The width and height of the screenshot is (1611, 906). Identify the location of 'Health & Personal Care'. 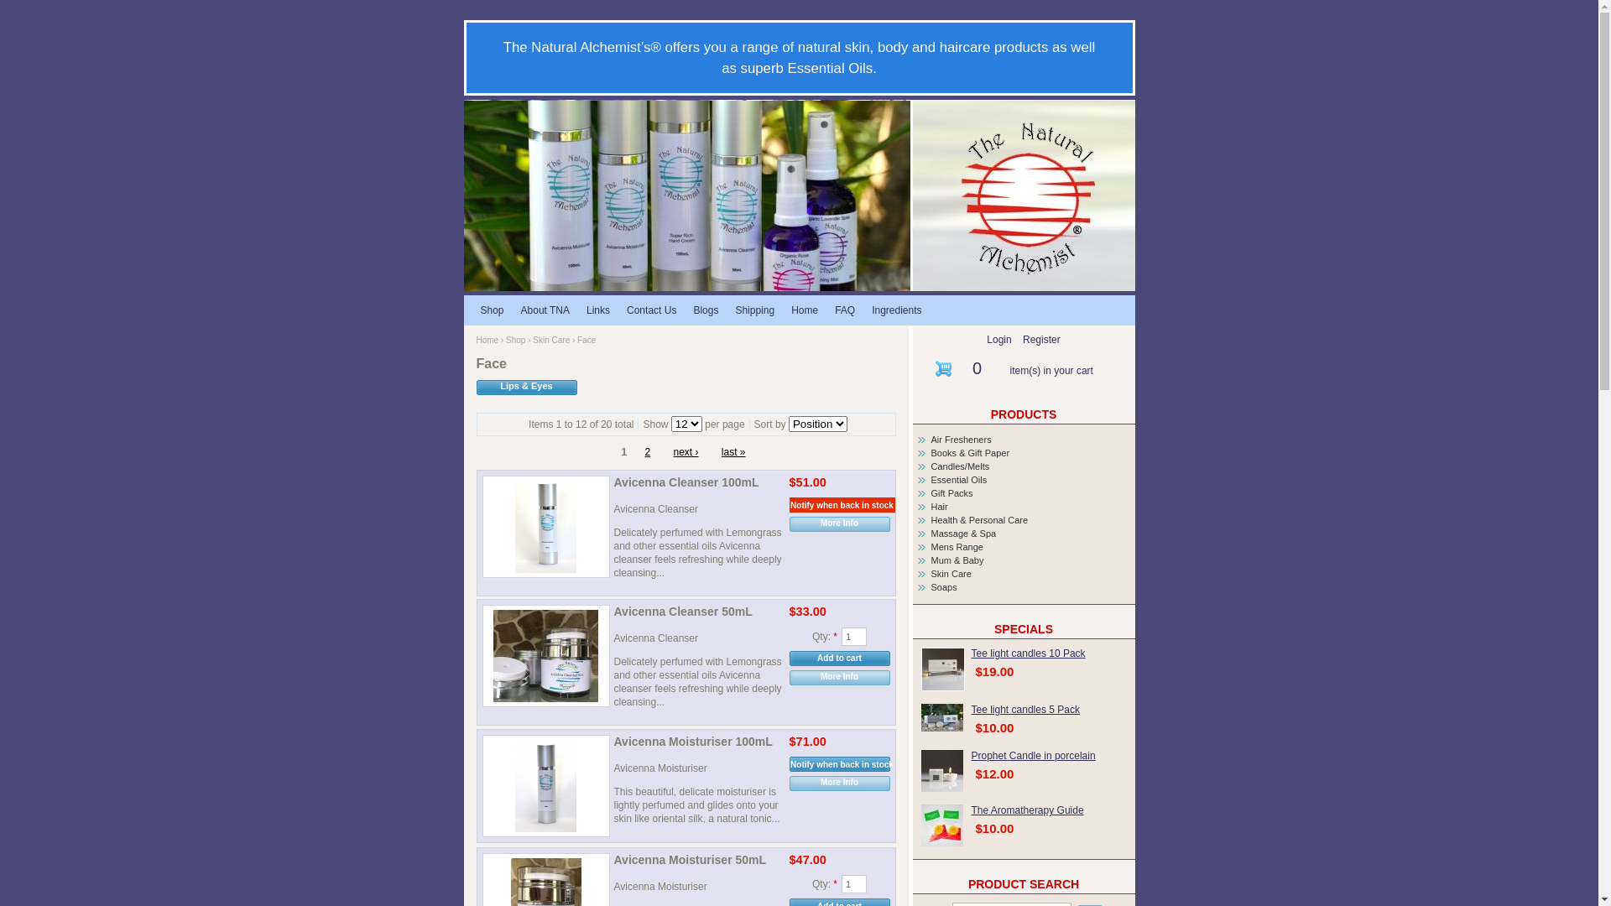
(979, 519).